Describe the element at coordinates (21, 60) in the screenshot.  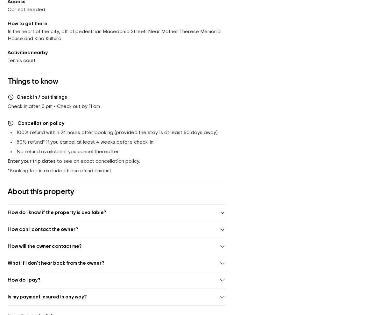
I see `'Tennis court'` at that location.